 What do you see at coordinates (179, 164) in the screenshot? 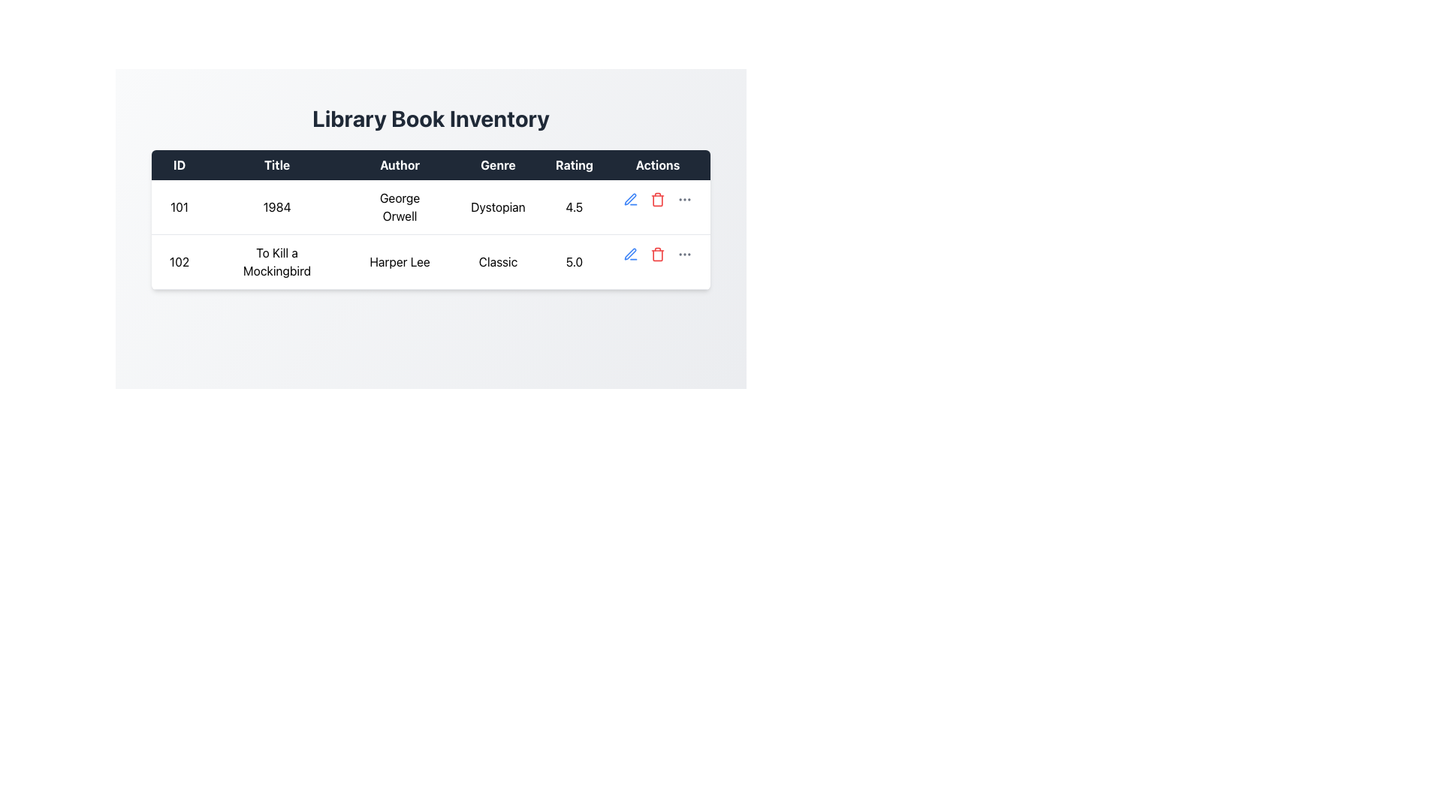
I see `the Table Header Cell with the bold white text 'ID'` at bounding box center [179, 164].